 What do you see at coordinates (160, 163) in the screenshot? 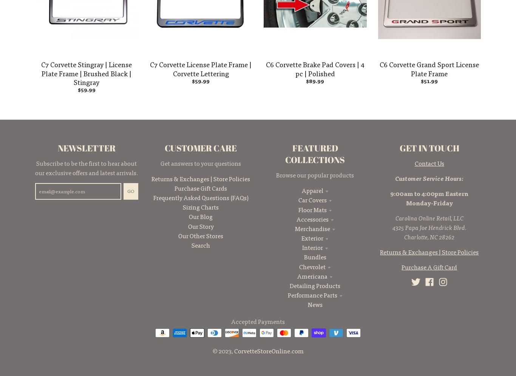
I see `'Get answers to your questions'` at bounding box center [160, 163].